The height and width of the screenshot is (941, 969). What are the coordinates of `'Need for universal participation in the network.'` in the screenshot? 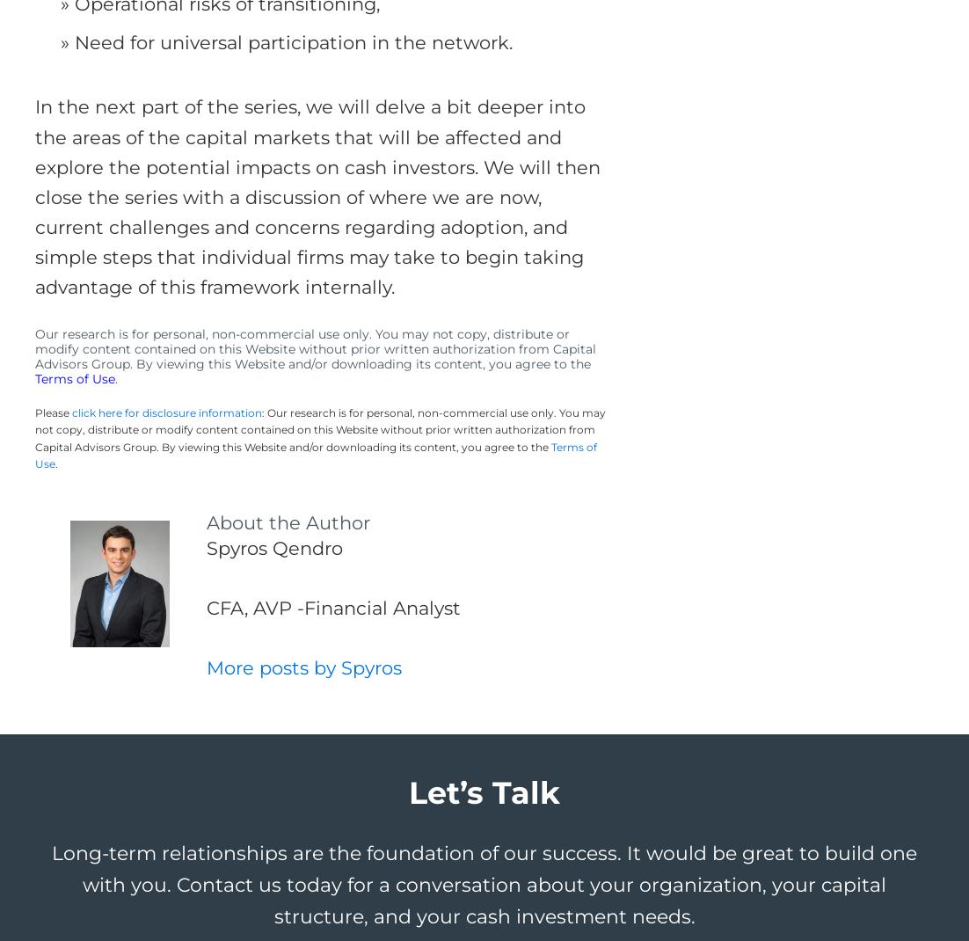 It's located at (293, 40).